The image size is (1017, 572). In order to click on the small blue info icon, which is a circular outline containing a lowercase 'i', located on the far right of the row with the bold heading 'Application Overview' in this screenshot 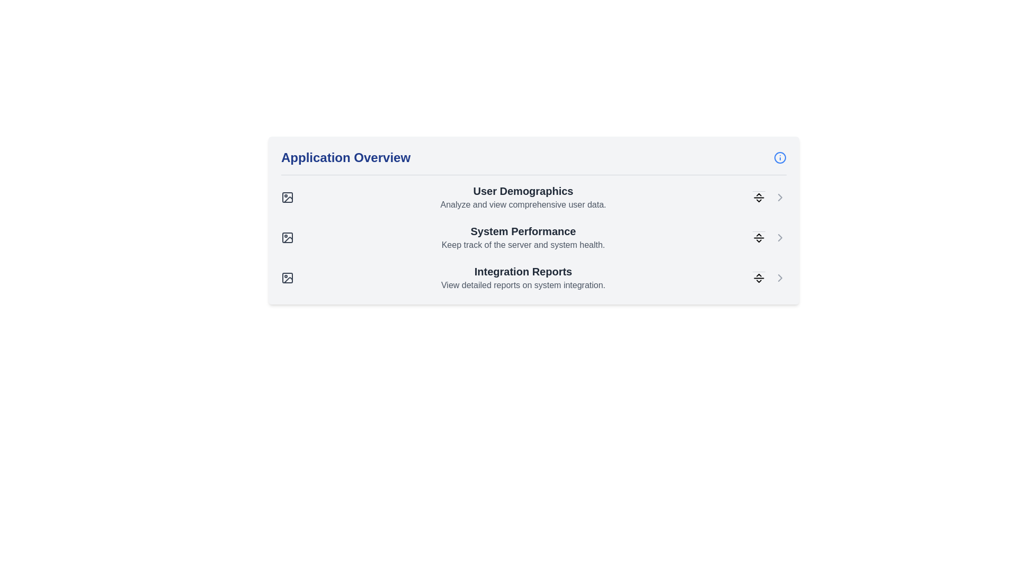, I will do `click(780, 157)`.